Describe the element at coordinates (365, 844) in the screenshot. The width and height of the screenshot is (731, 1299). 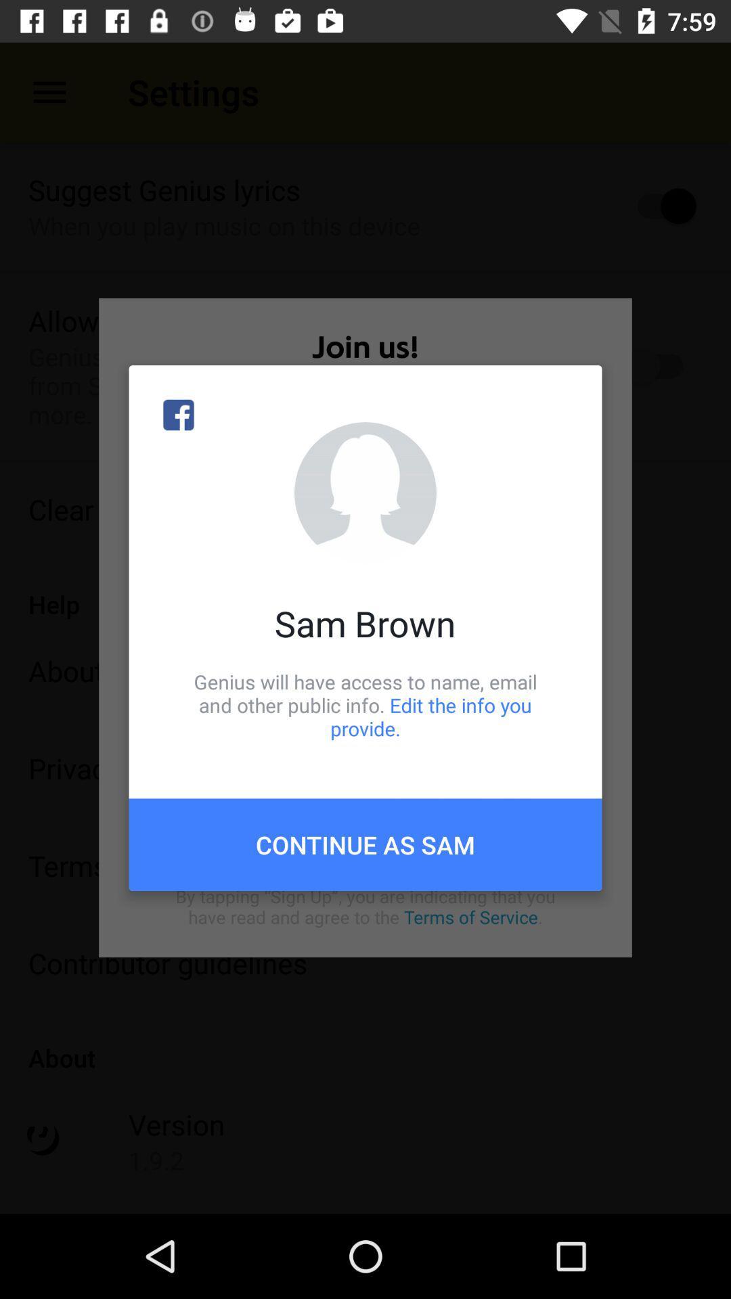
I see `the item below genius will have item` at that location.